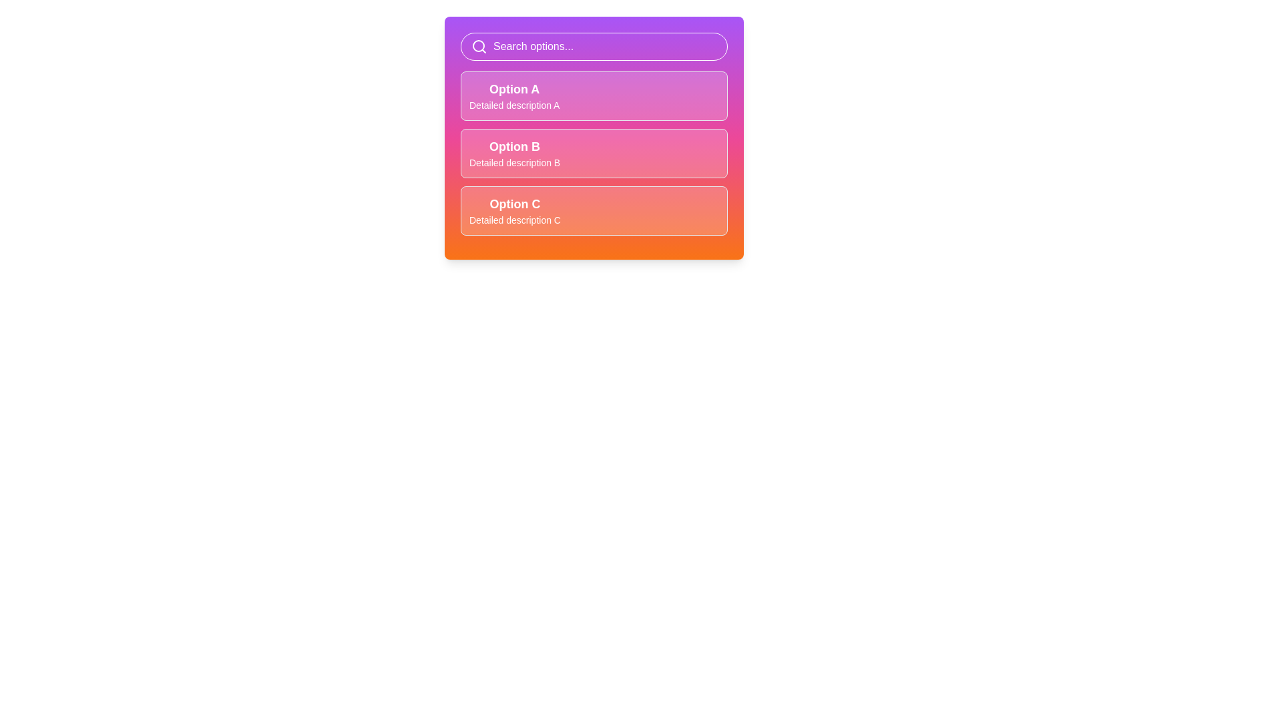 This screenshot has height=721, width=1282. Describe the element at coordinates (593, 153) in the screenshot. I see `the second option in a vertically stacked list of three options` at that location.